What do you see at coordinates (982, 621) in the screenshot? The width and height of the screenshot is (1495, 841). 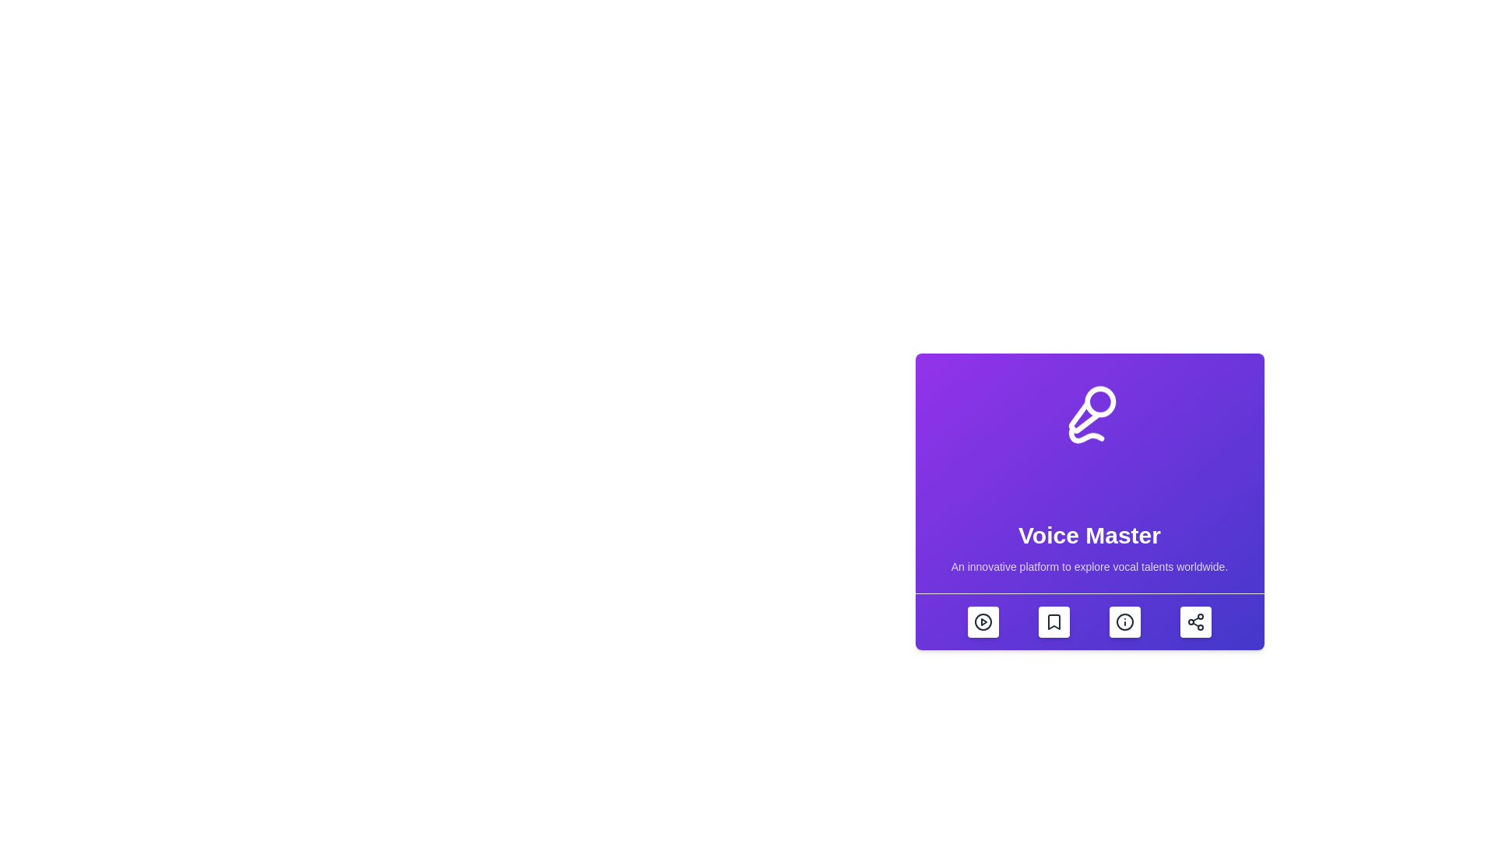 I see `the rounded square button with a white background and a play button icon, located at the bottom of the 'Voice Master' card` at bounding box center [982, 621].